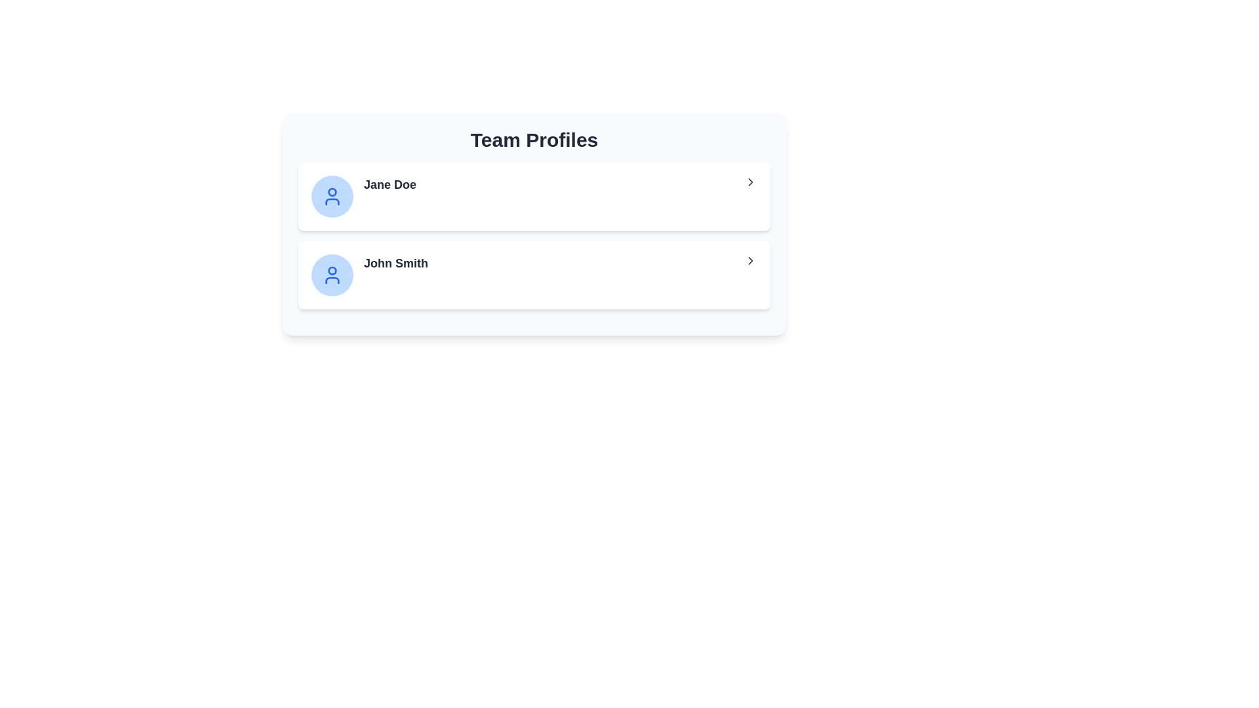 The width and height of the screenshot is (1259, 708). Describe the element at coordinates (332, 202) in the screenshot. I see `the profile icon resembling the bottom part of a user profile icon next to the label 'Jane Doe' in the first section of the profile list` at that location.